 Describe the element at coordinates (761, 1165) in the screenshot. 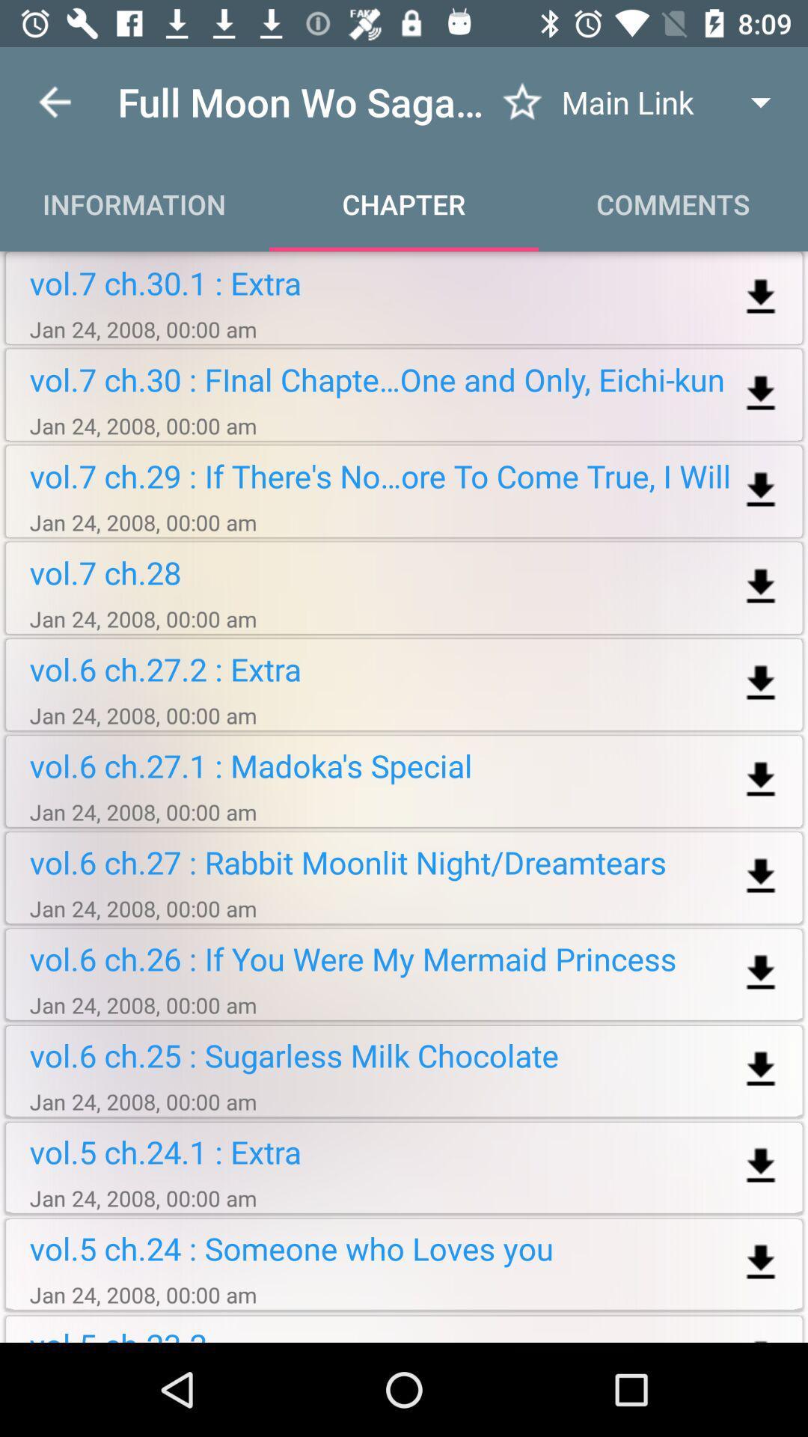

I see `download selected` at that location.